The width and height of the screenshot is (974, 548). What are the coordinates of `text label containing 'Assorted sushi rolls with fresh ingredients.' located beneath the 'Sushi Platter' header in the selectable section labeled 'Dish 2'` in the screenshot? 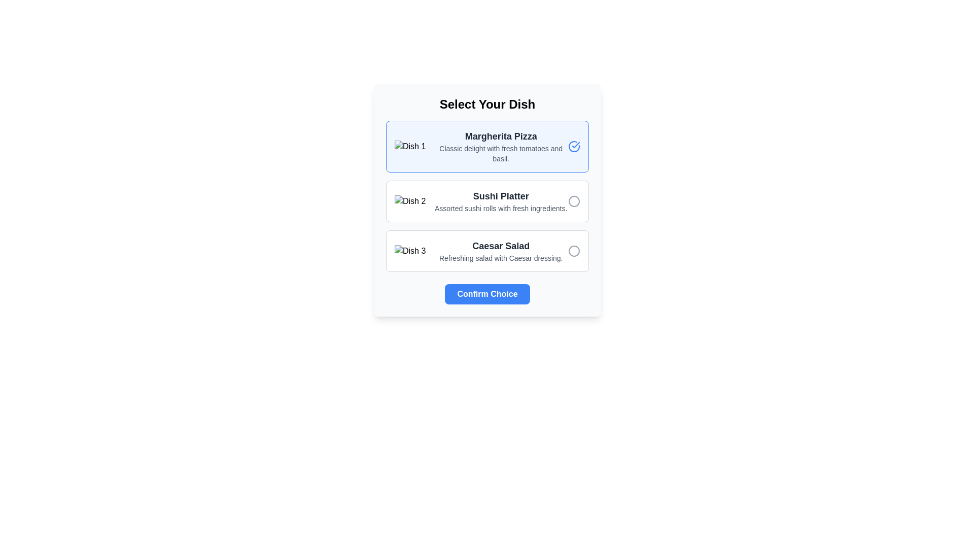 It's located at (501, 208).